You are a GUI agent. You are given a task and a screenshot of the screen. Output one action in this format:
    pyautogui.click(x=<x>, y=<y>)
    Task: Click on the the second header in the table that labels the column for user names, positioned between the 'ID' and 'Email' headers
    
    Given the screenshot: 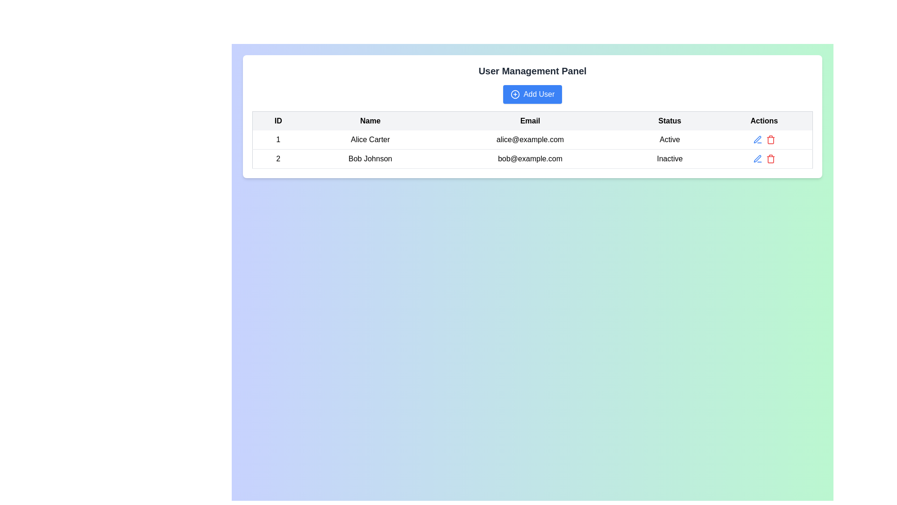 What is the action you would take?
    pyautogui.click(x=370, y=120)
    